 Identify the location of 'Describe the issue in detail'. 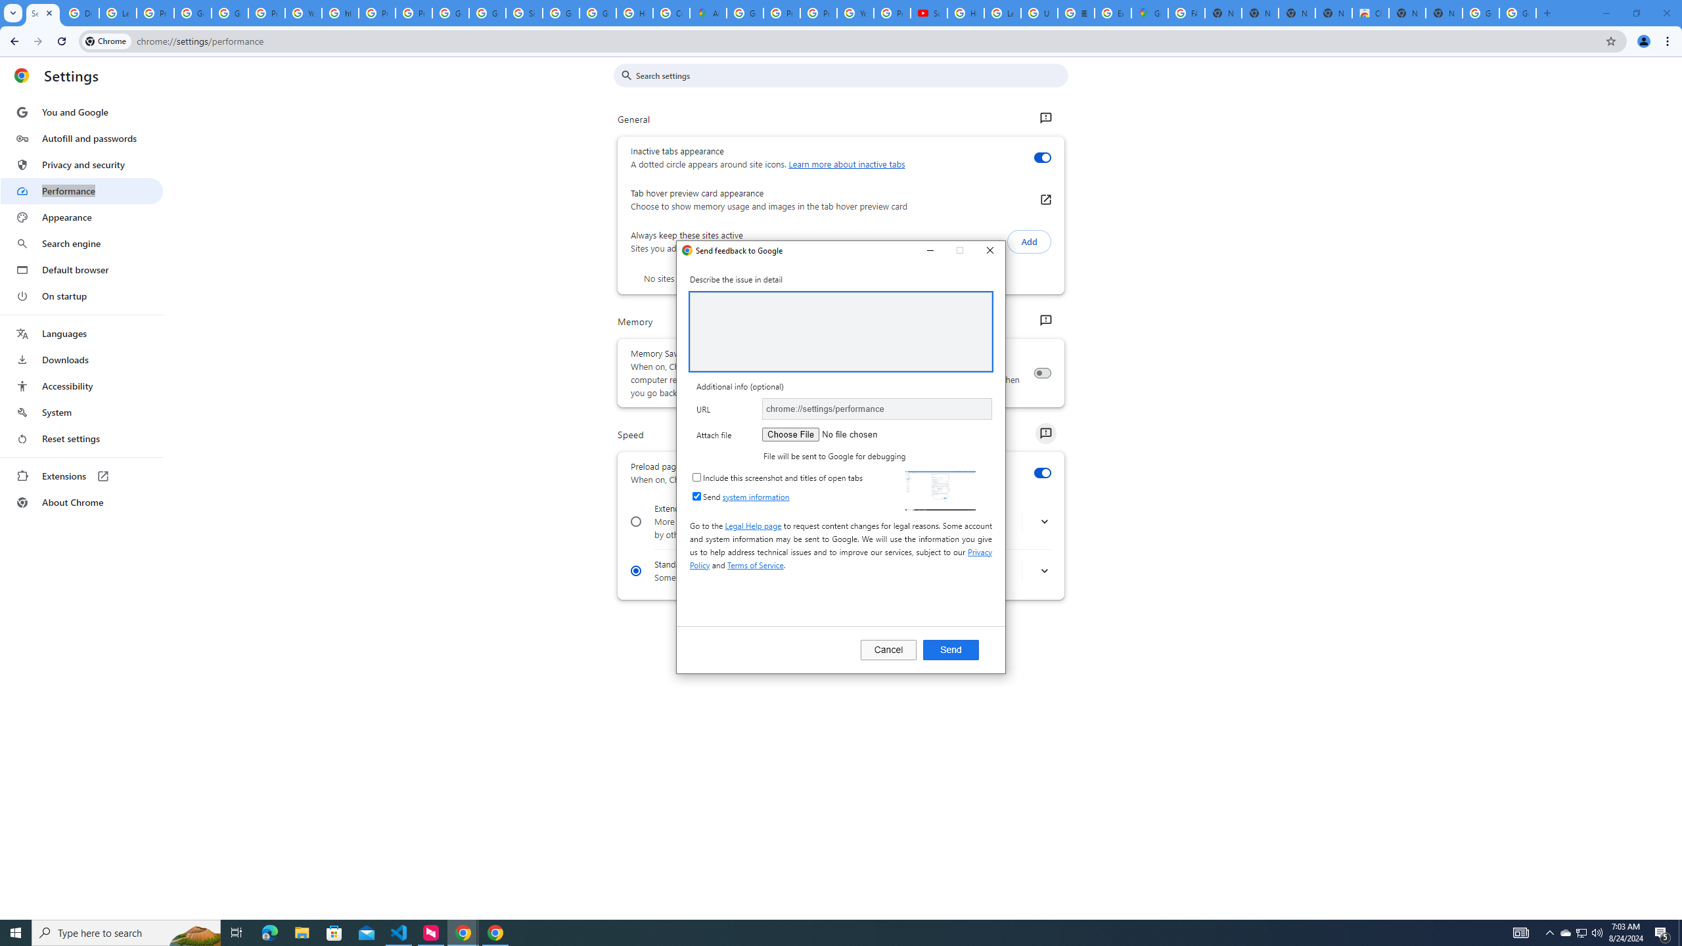
(841, 330).